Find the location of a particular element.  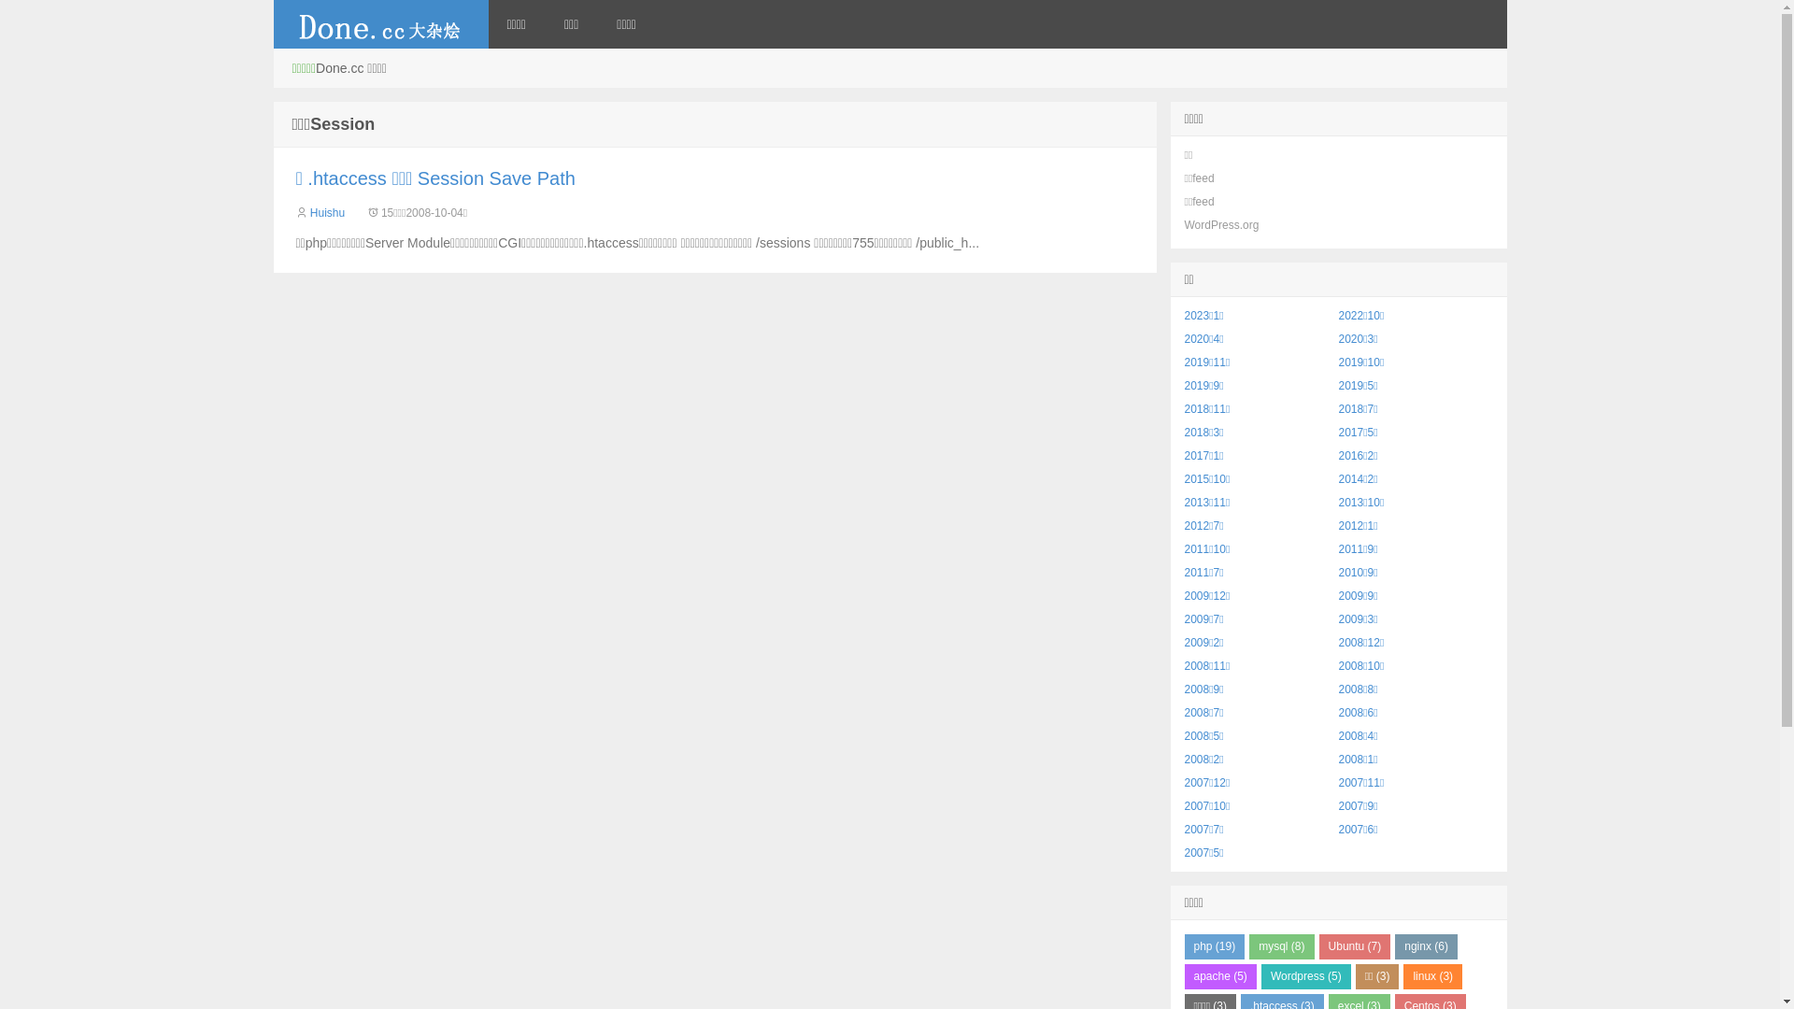

'mysql (8)' is located at coordinates (1280, 946).